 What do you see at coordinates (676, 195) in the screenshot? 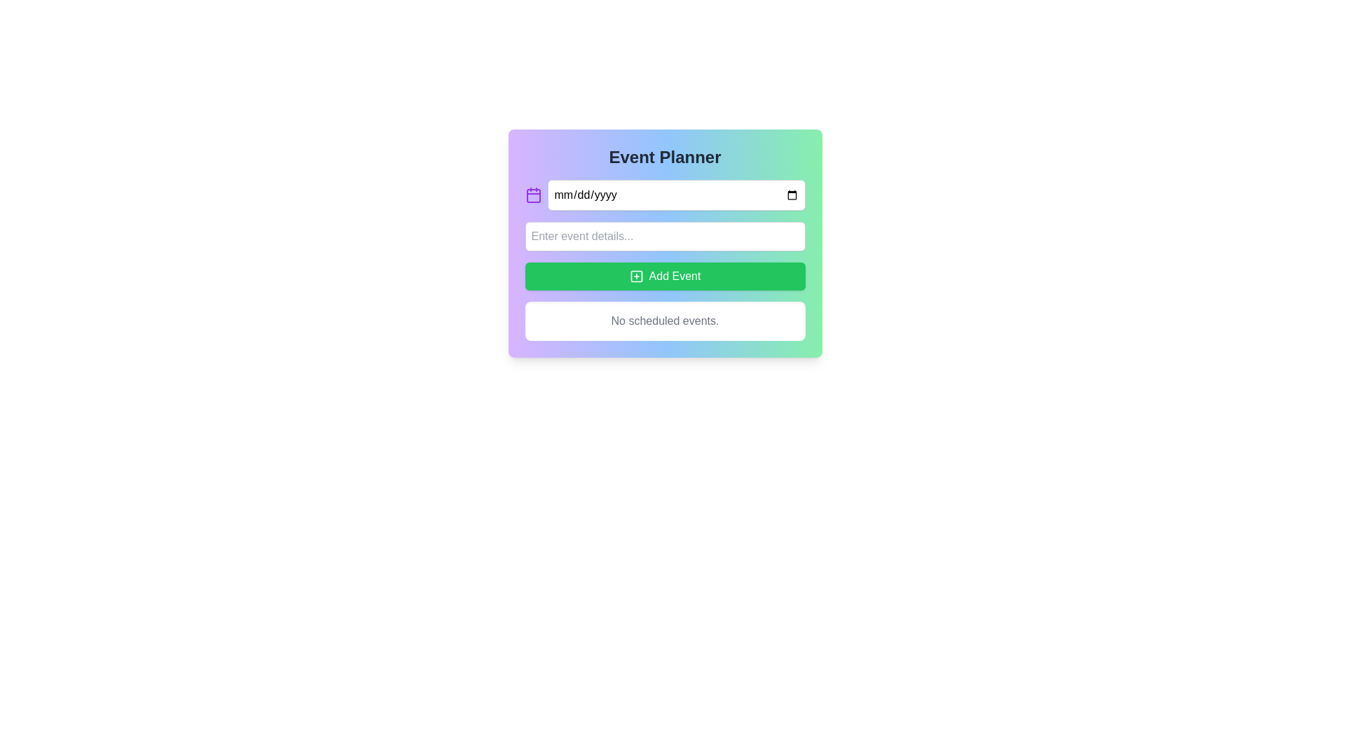
I see `the date input field, which is a rectangular white input field with a light gray border and rounded corners` at bounding box center [676, 195].